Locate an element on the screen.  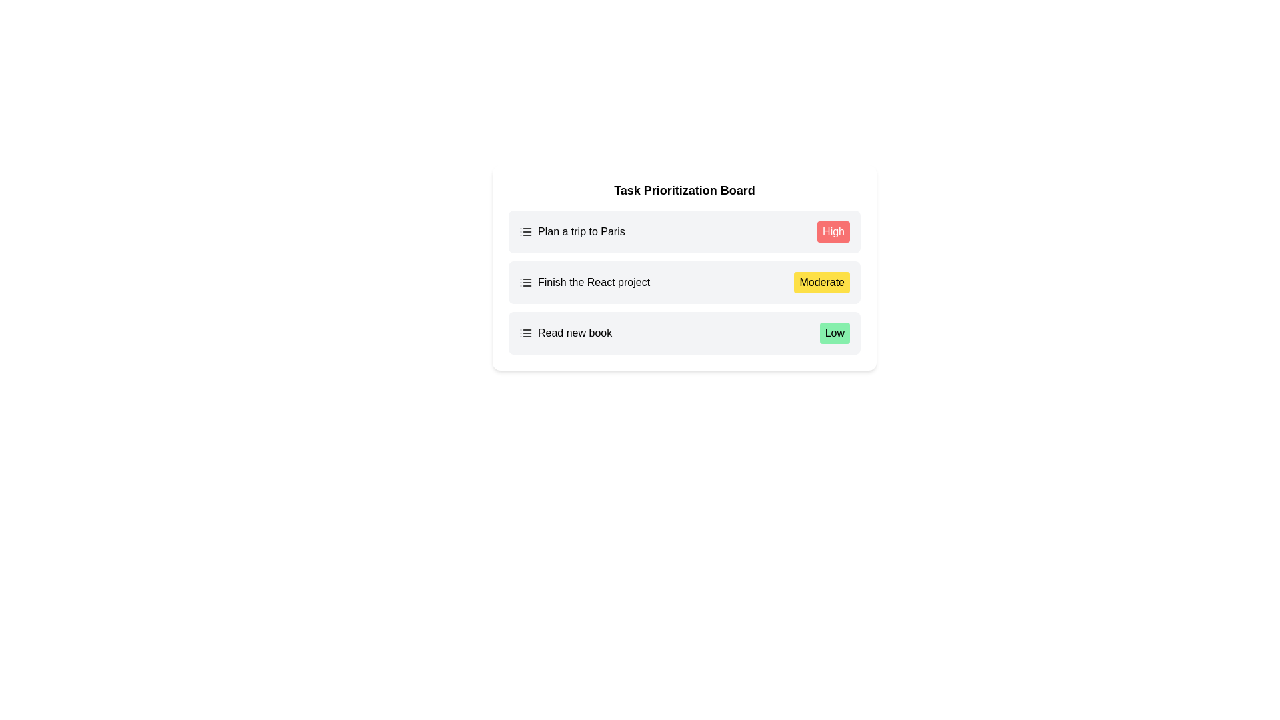
the label displaying 'Read new book', which is the third entry in the vertical list of task items on the Task Prioritization Board is located at coordinates (575, 333).